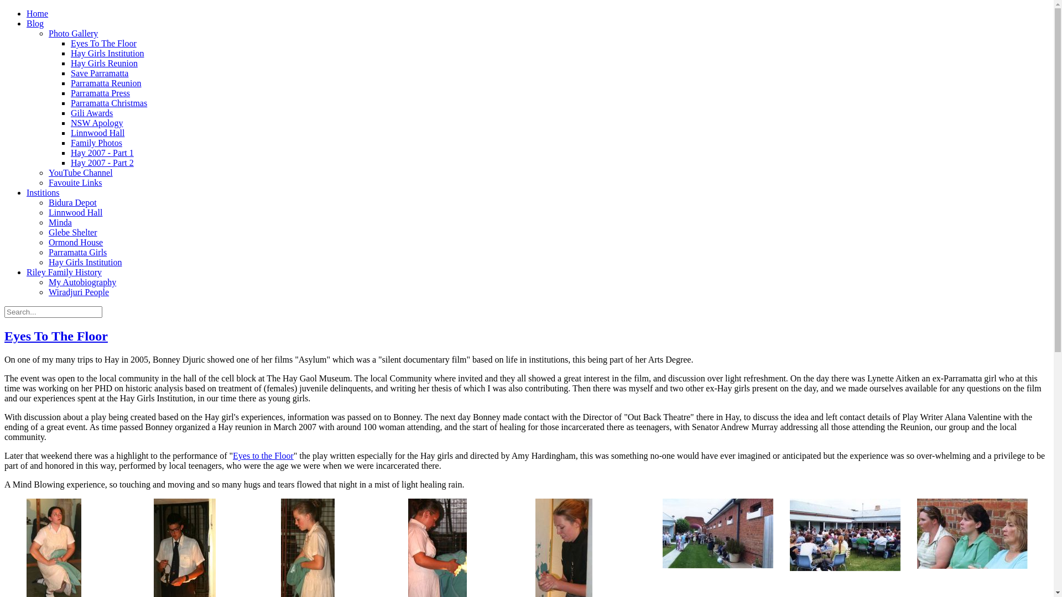 This screenshot has width=1062, height=597. Describe the element at coordinates (100, 92) in the screenshot. I see `'Parramatta Press'` at that location.